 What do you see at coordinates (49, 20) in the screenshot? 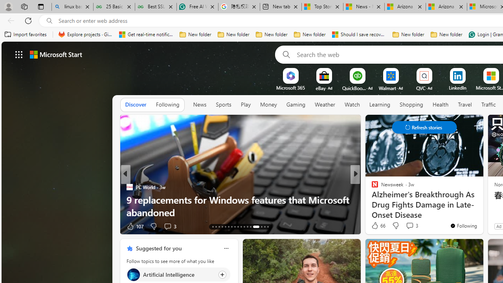
I see `'Search icon'` at bounding box center [49, 20].